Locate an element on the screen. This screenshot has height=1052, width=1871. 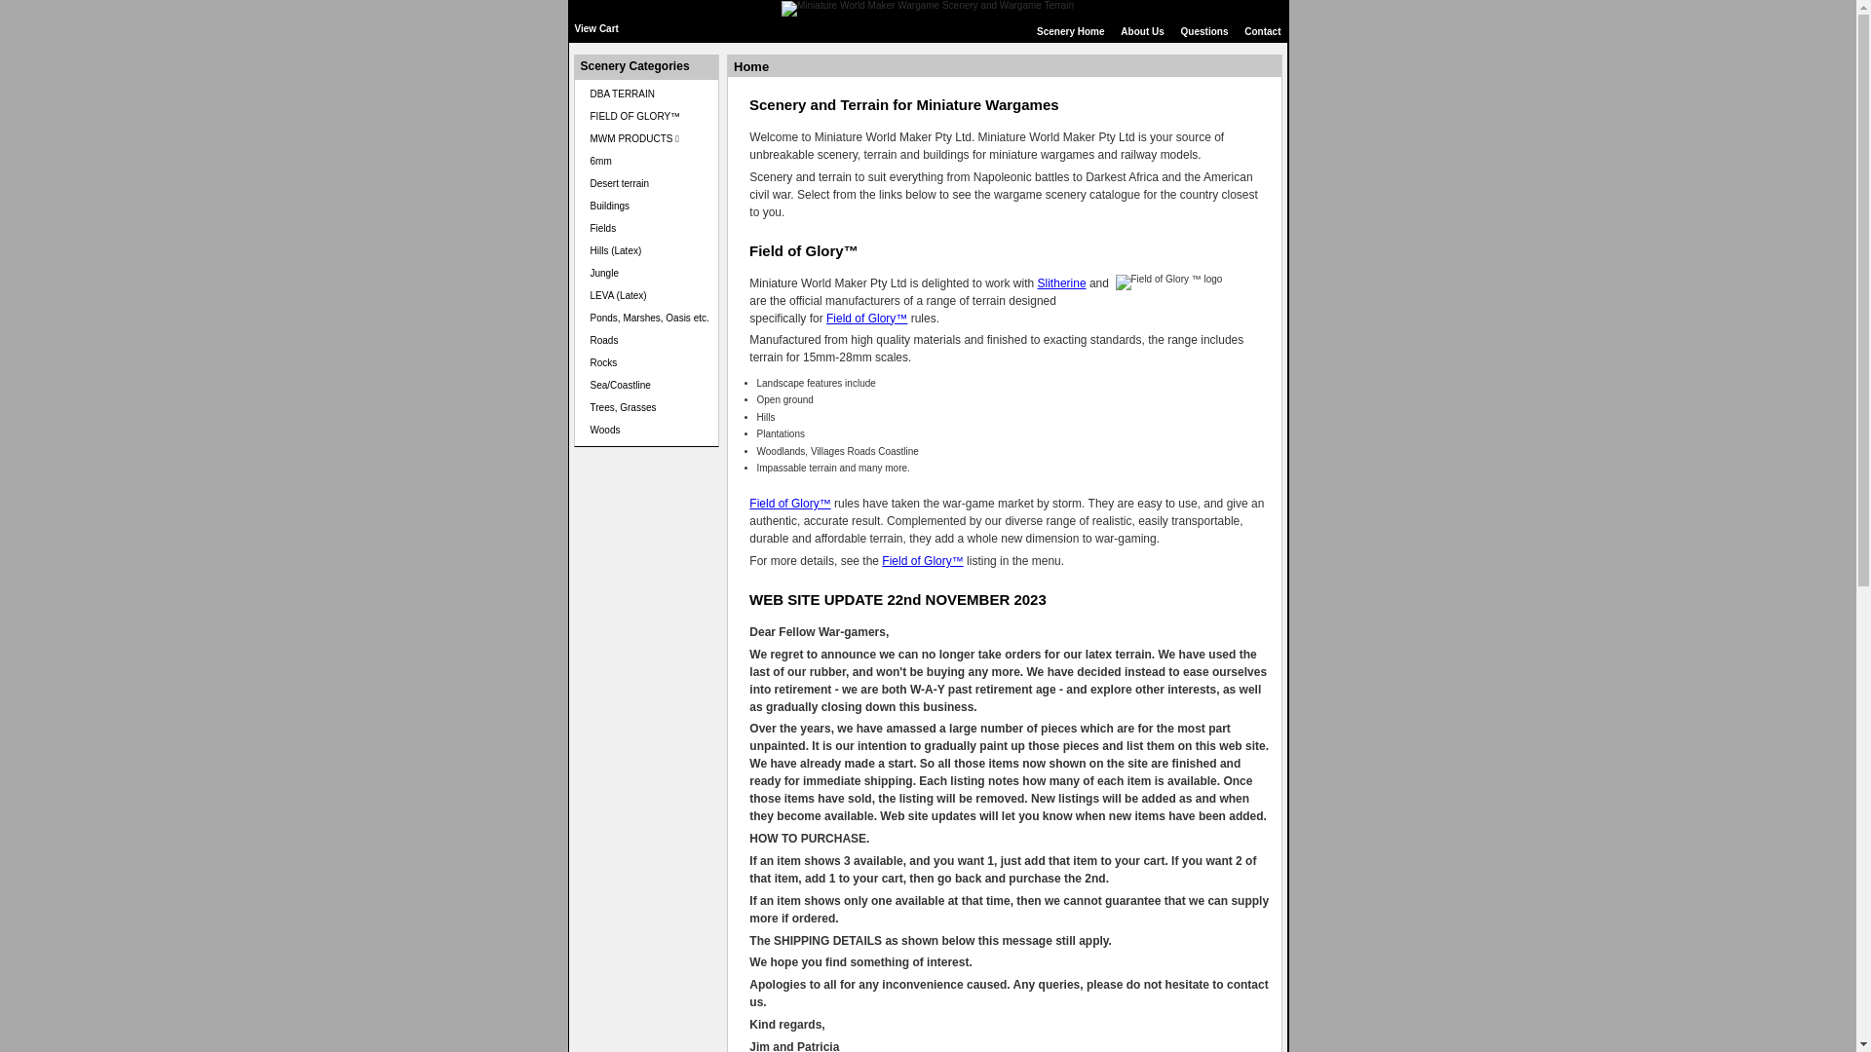
'DBA TERRAIN' is located at coordinates (622, 94).